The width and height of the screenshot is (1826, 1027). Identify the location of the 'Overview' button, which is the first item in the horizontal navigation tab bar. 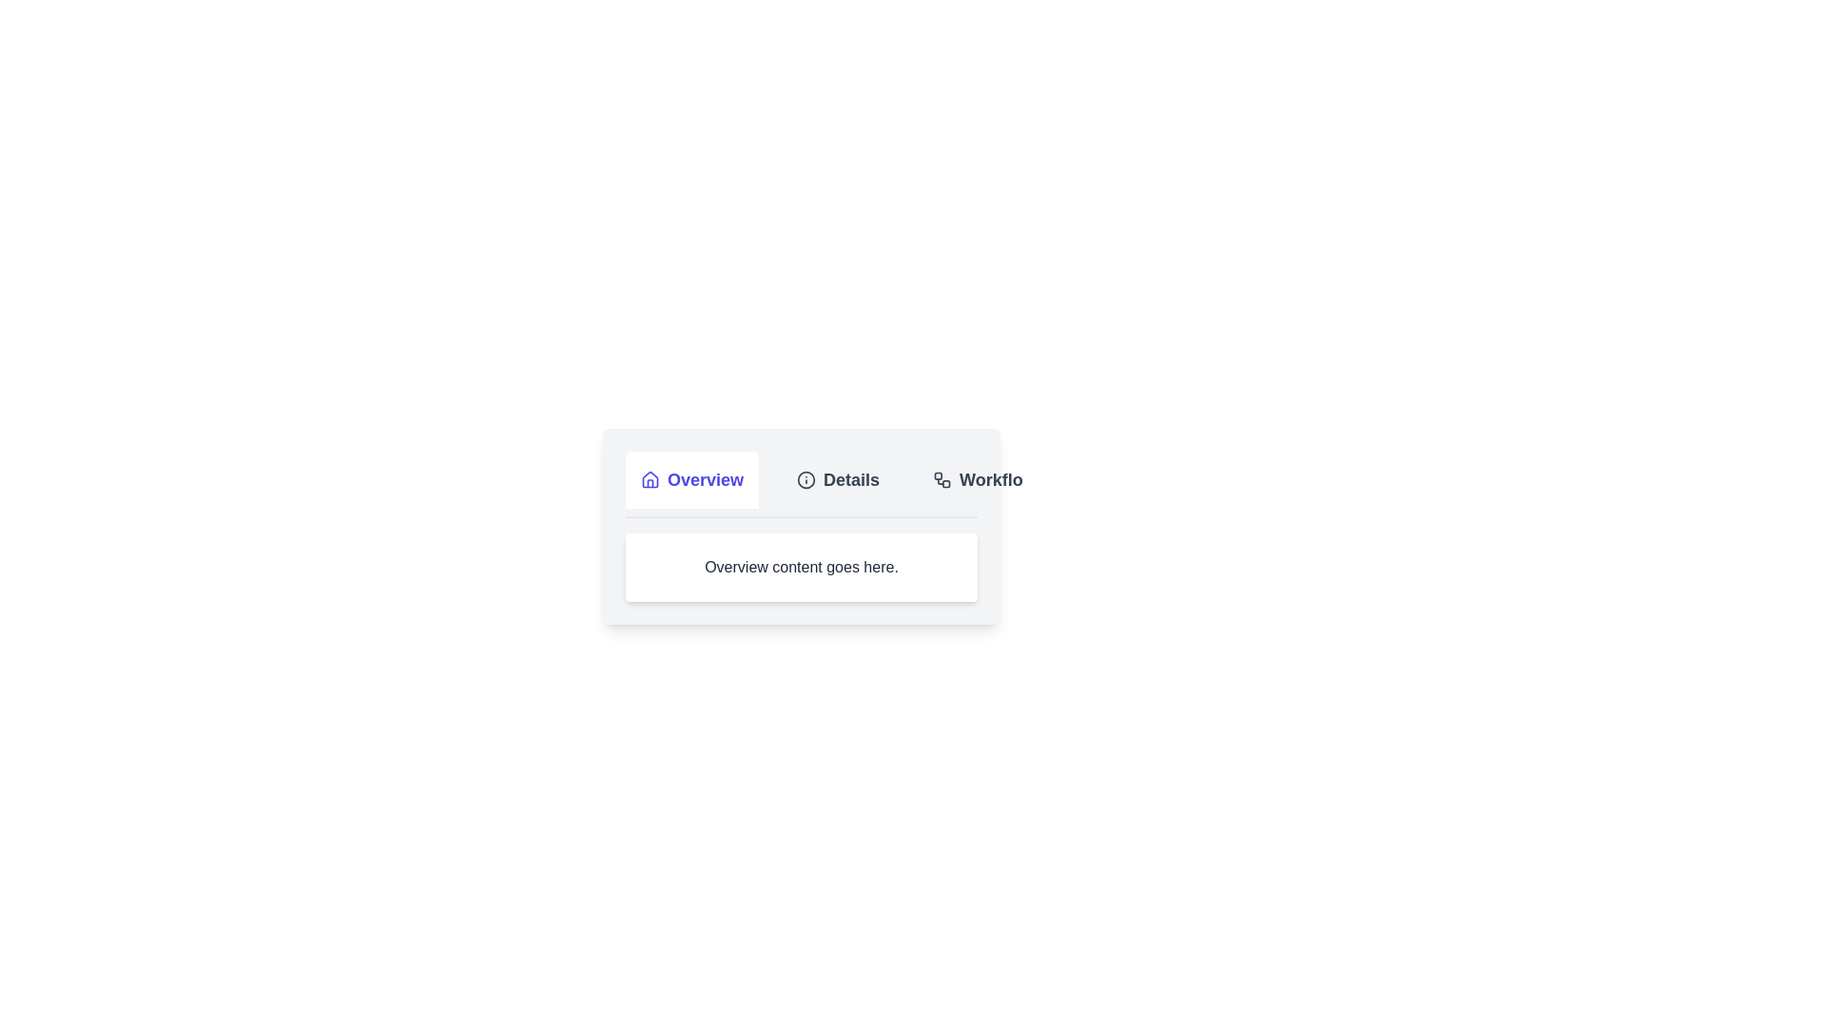
(691, 479).